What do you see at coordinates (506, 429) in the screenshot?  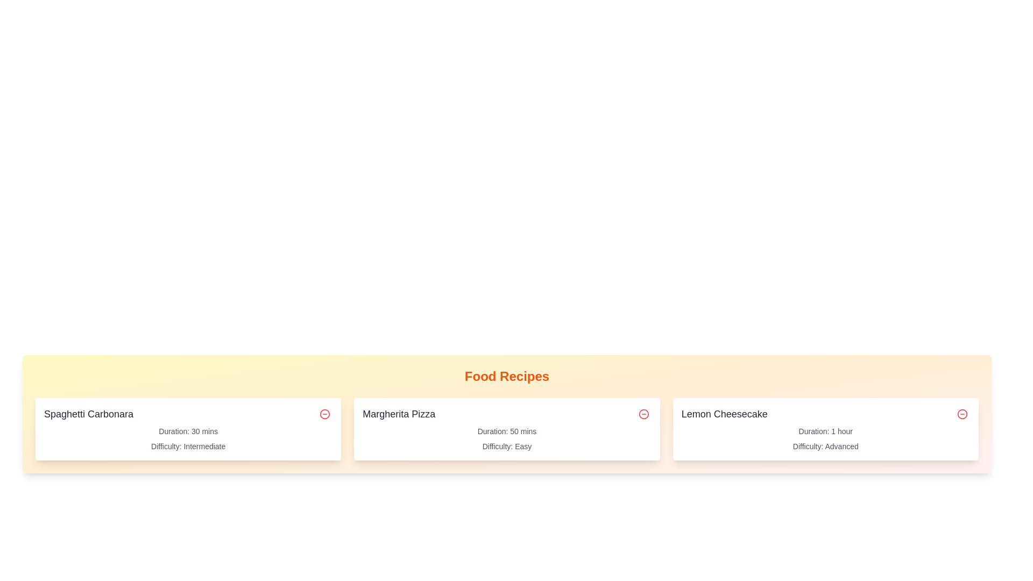 I see `the recipe card displaying information about a recipe, located in the center of a 3-column grid, specifically the second card from the left` at bounding box center [506, 429].